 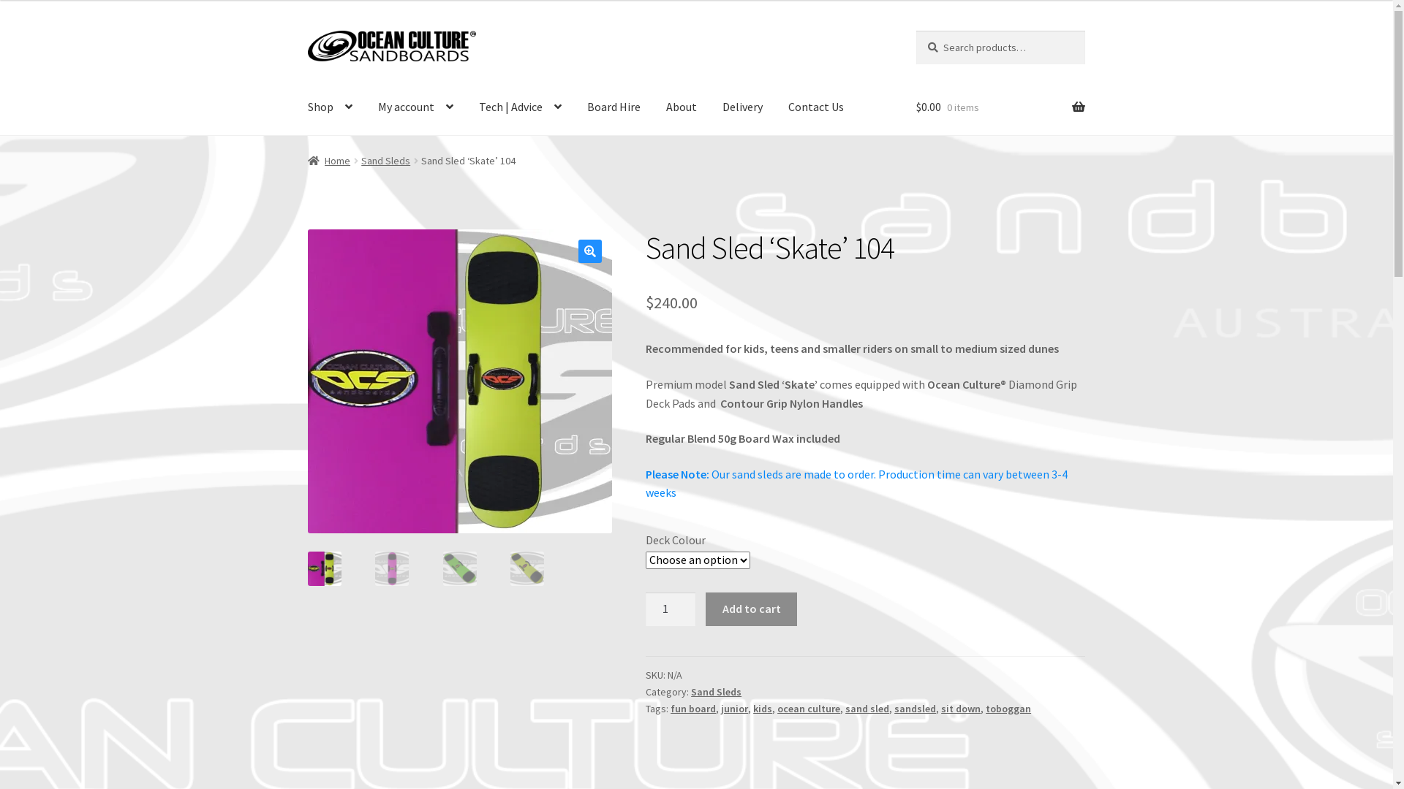 What do you see at coordinates (1007, 707) in the screenshot?
I see `'toboggan'` at bounding box center [1007, 707].